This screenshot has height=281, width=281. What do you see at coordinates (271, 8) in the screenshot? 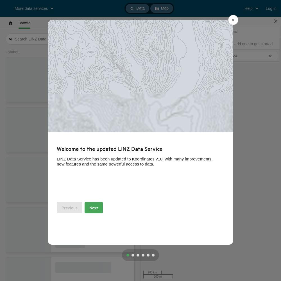
I see `'Log in'` at bounding box center [271, 8].